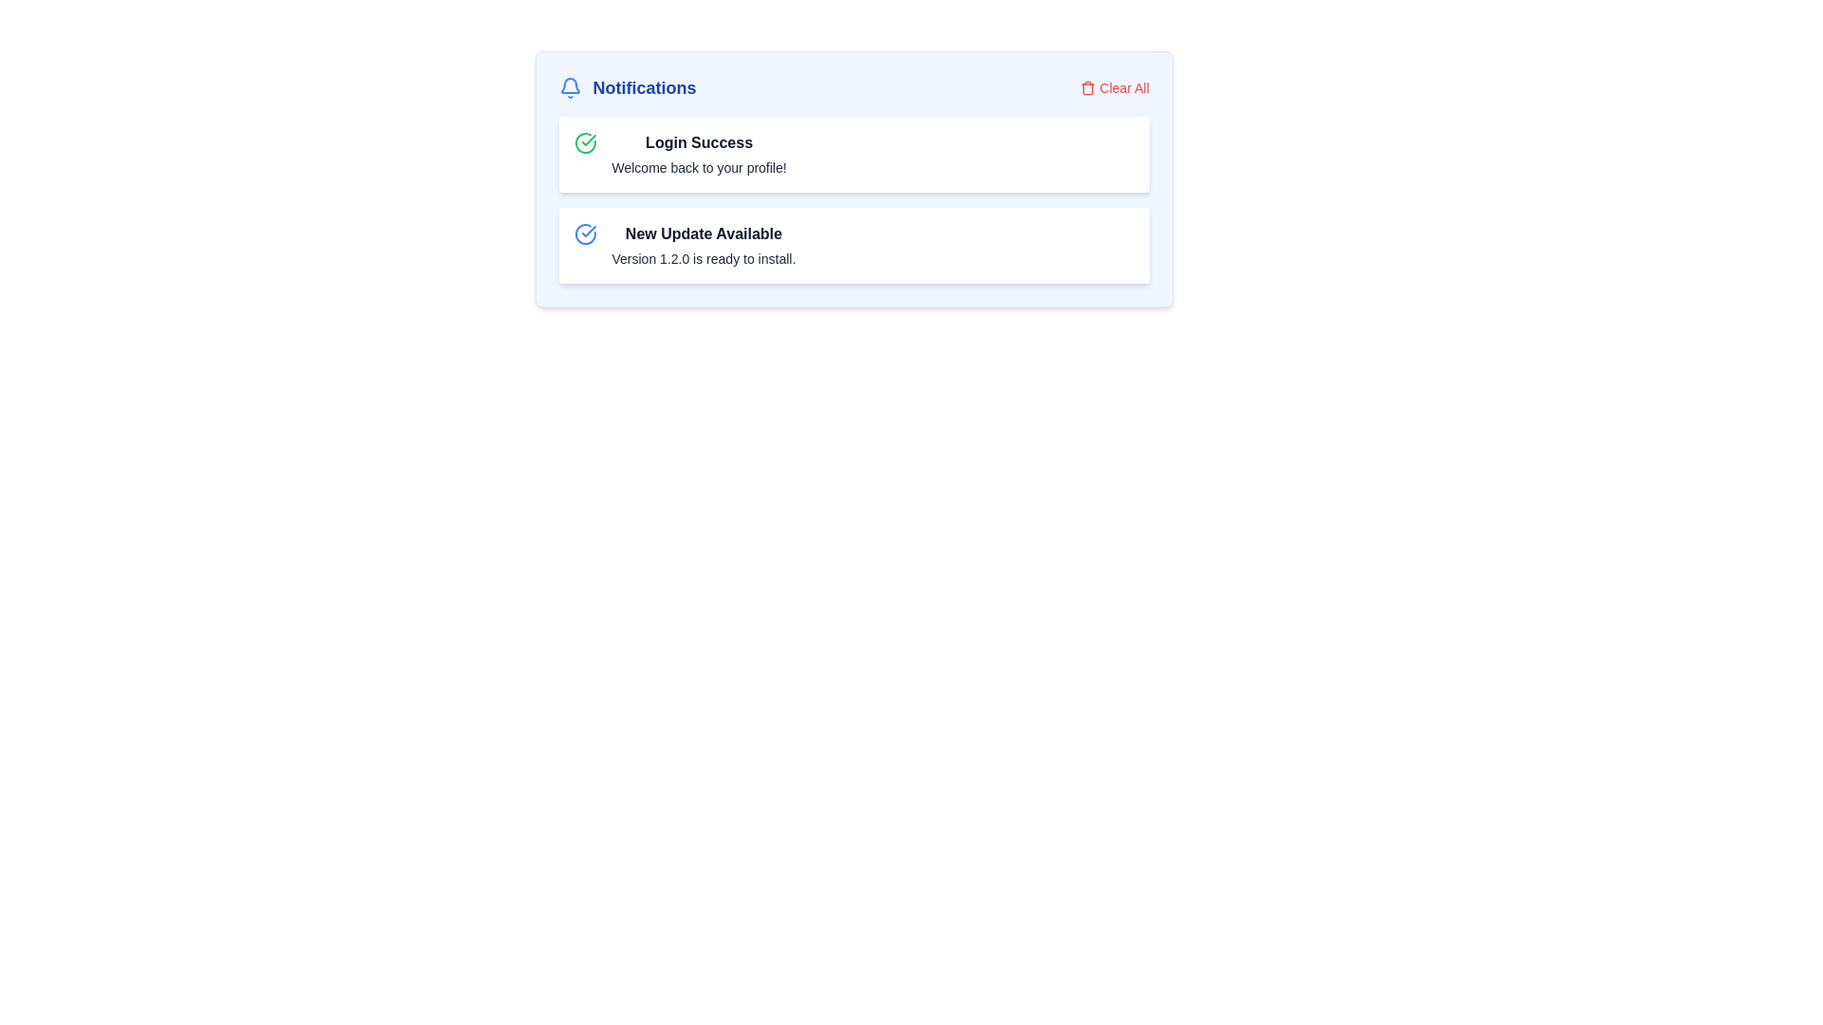  What do you see at coordinates (584, 233) in the screenshot?
I see `the blue circular icon with a check mark inside, located in the second notification panel labeled 'New Update Available', to the left of the text 'New Update Available'` at bounding box center [584, 233].